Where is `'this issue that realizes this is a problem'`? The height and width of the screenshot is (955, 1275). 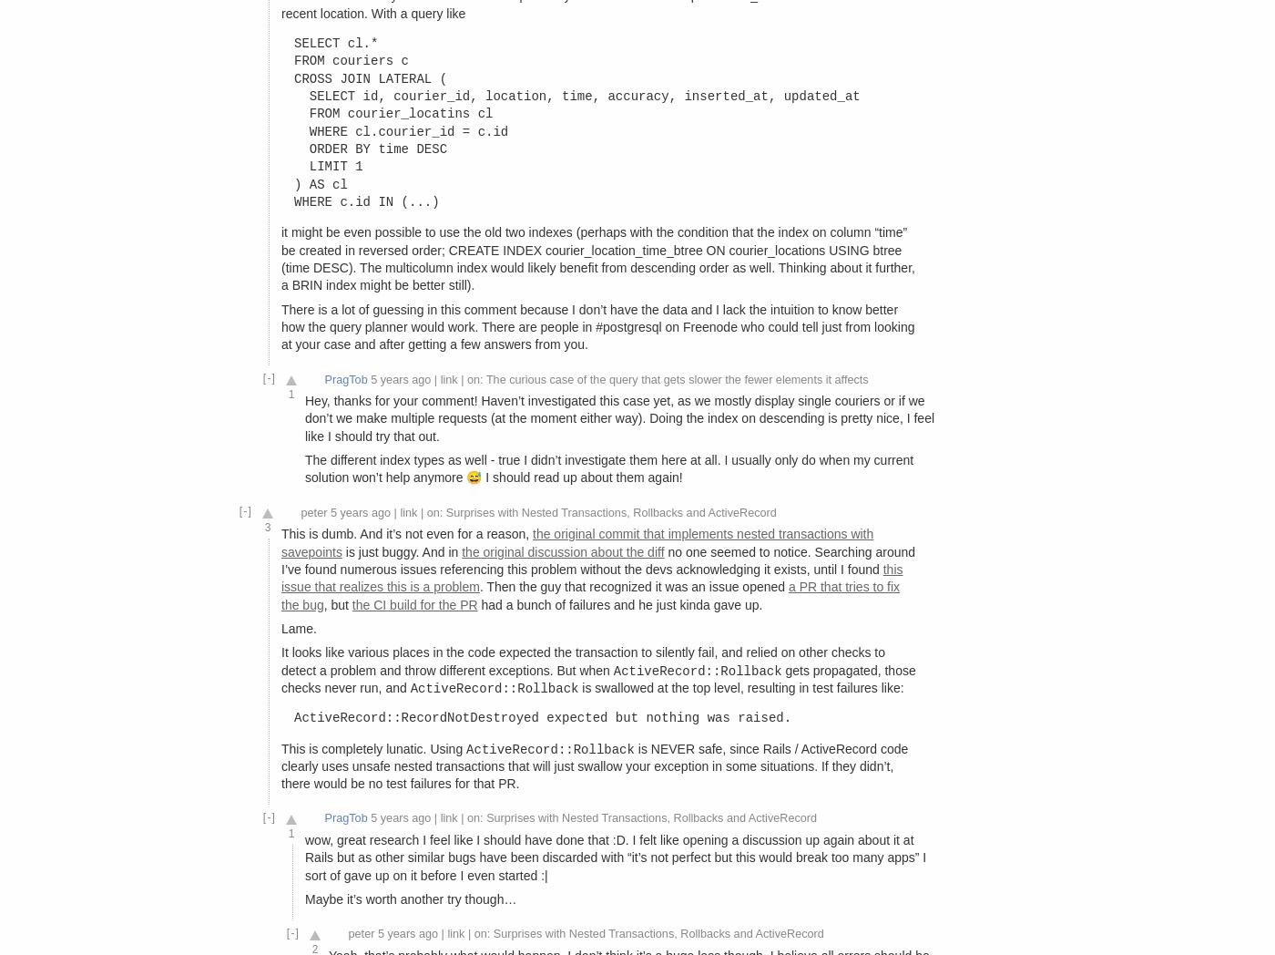 'this issue that realizes this is a problem' is located at coordinates (592, 577).